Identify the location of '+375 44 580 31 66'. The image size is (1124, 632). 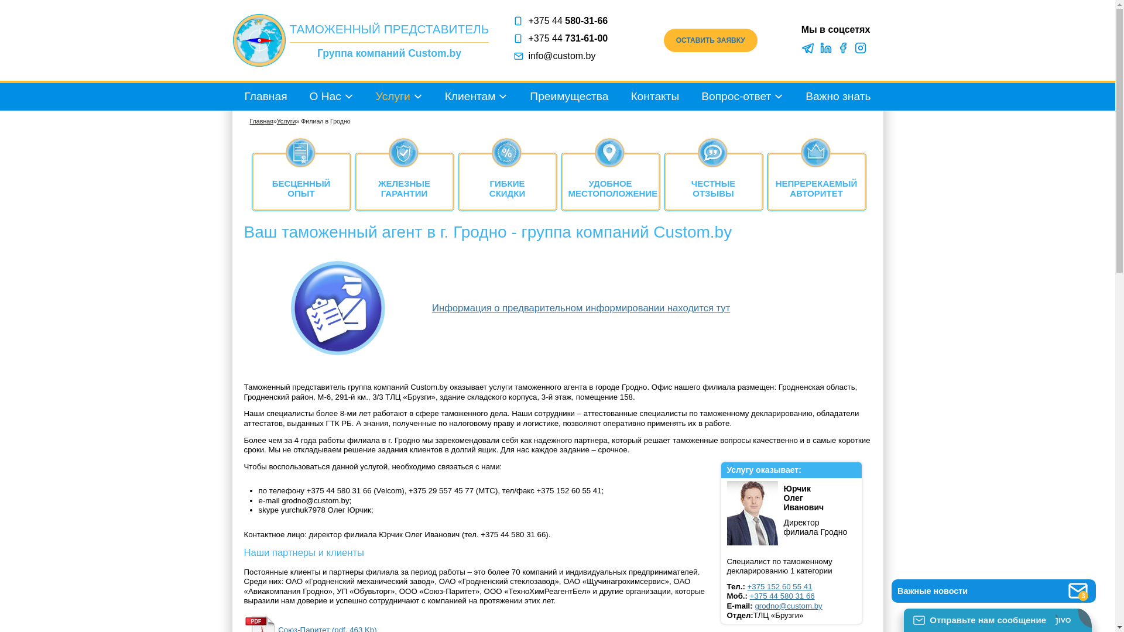
(782, 596).